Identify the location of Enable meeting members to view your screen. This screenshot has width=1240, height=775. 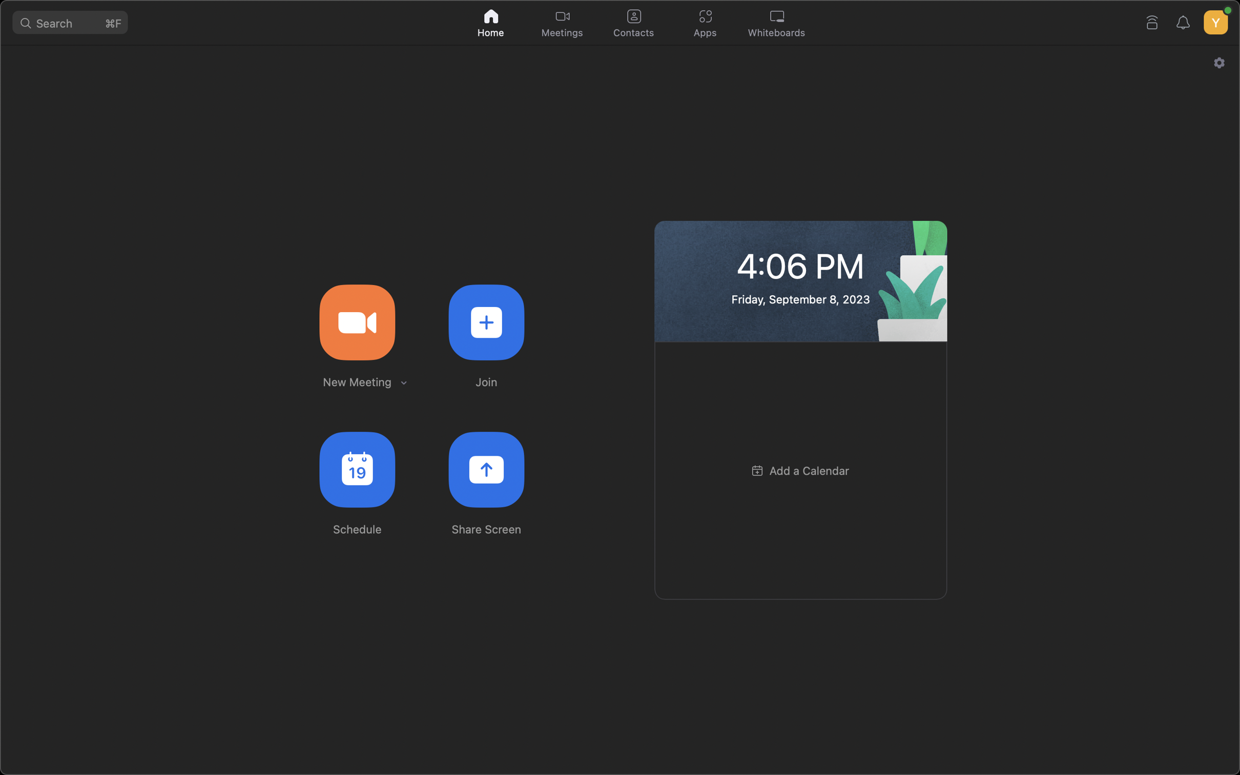
(487, 470).